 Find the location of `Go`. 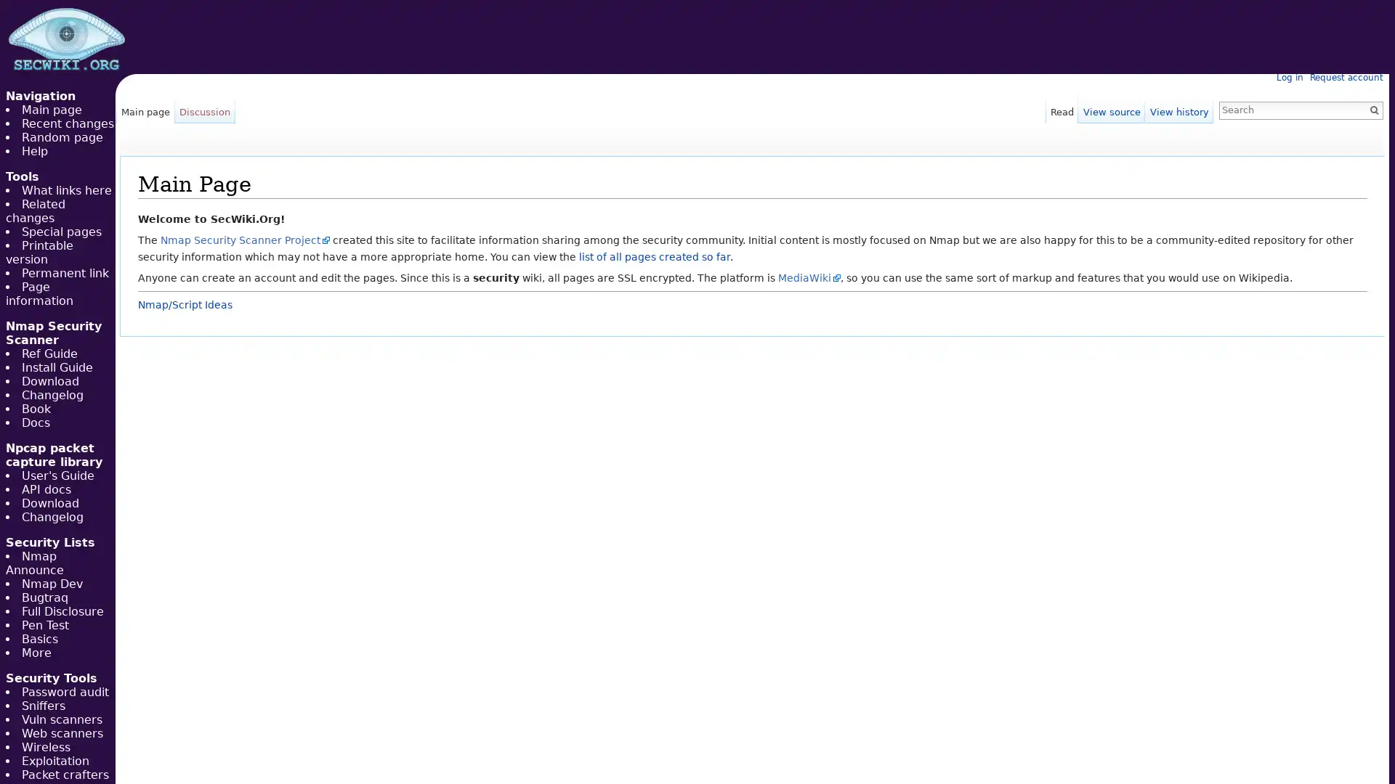

Go is located at coordinates (1373, 109).